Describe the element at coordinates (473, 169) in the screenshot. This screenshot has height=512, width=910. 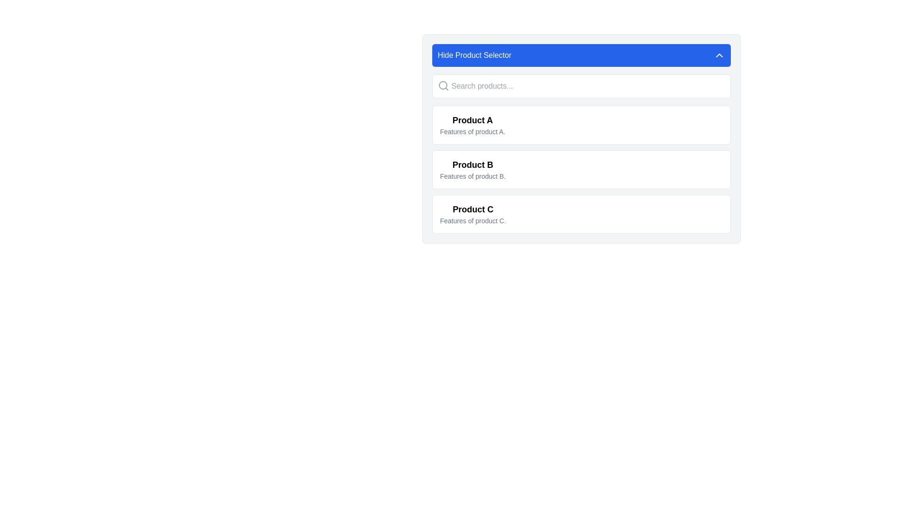
I see `to select the 'Product B' text block, which contains a bold title and description, positioned between 'Product A' and 'Product C' in the detailed list` at that location.